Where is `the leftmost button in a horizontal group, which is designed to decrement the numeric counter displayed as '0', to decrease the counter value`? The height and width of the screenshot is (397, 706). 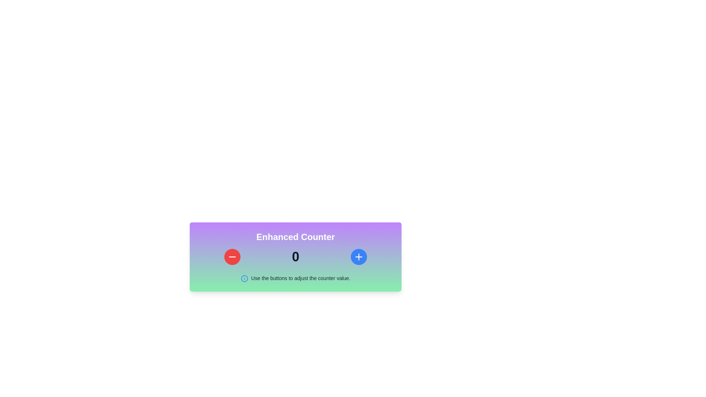 the leftmost button in a horizontal group, which is designed to decrement the numeric counter displayed as '0', to decrease the counter value is located at coordinates (232, 256).